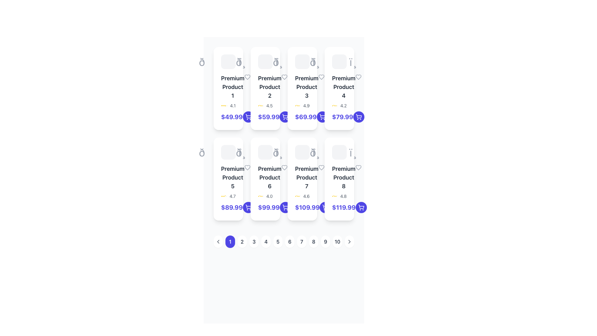  What do you see at coordinates (248, 116) in the screenshot?
I see `the shopping cart icon button located in the bottom-right corner of the 'Premium Product 8' card` at bounding box center [248, 116].